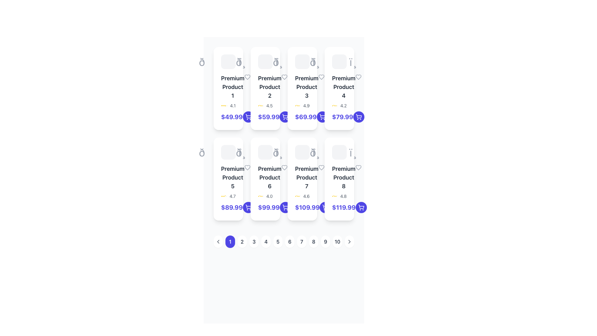  What do you see at coordinates (248, 116) in the screenshot?
I see `the shopping cart icon button located in the bottom-right corner of the 'Premium Product 8' card` at bounding box center [248, 116].